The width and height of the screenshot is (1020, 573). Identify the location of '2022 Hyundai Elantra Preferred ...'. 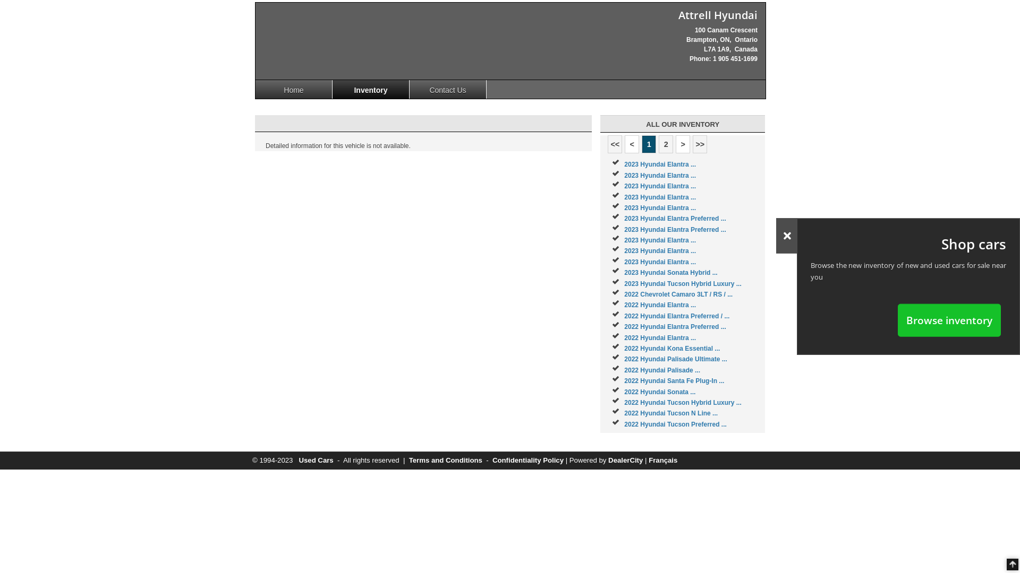
(674, 326).